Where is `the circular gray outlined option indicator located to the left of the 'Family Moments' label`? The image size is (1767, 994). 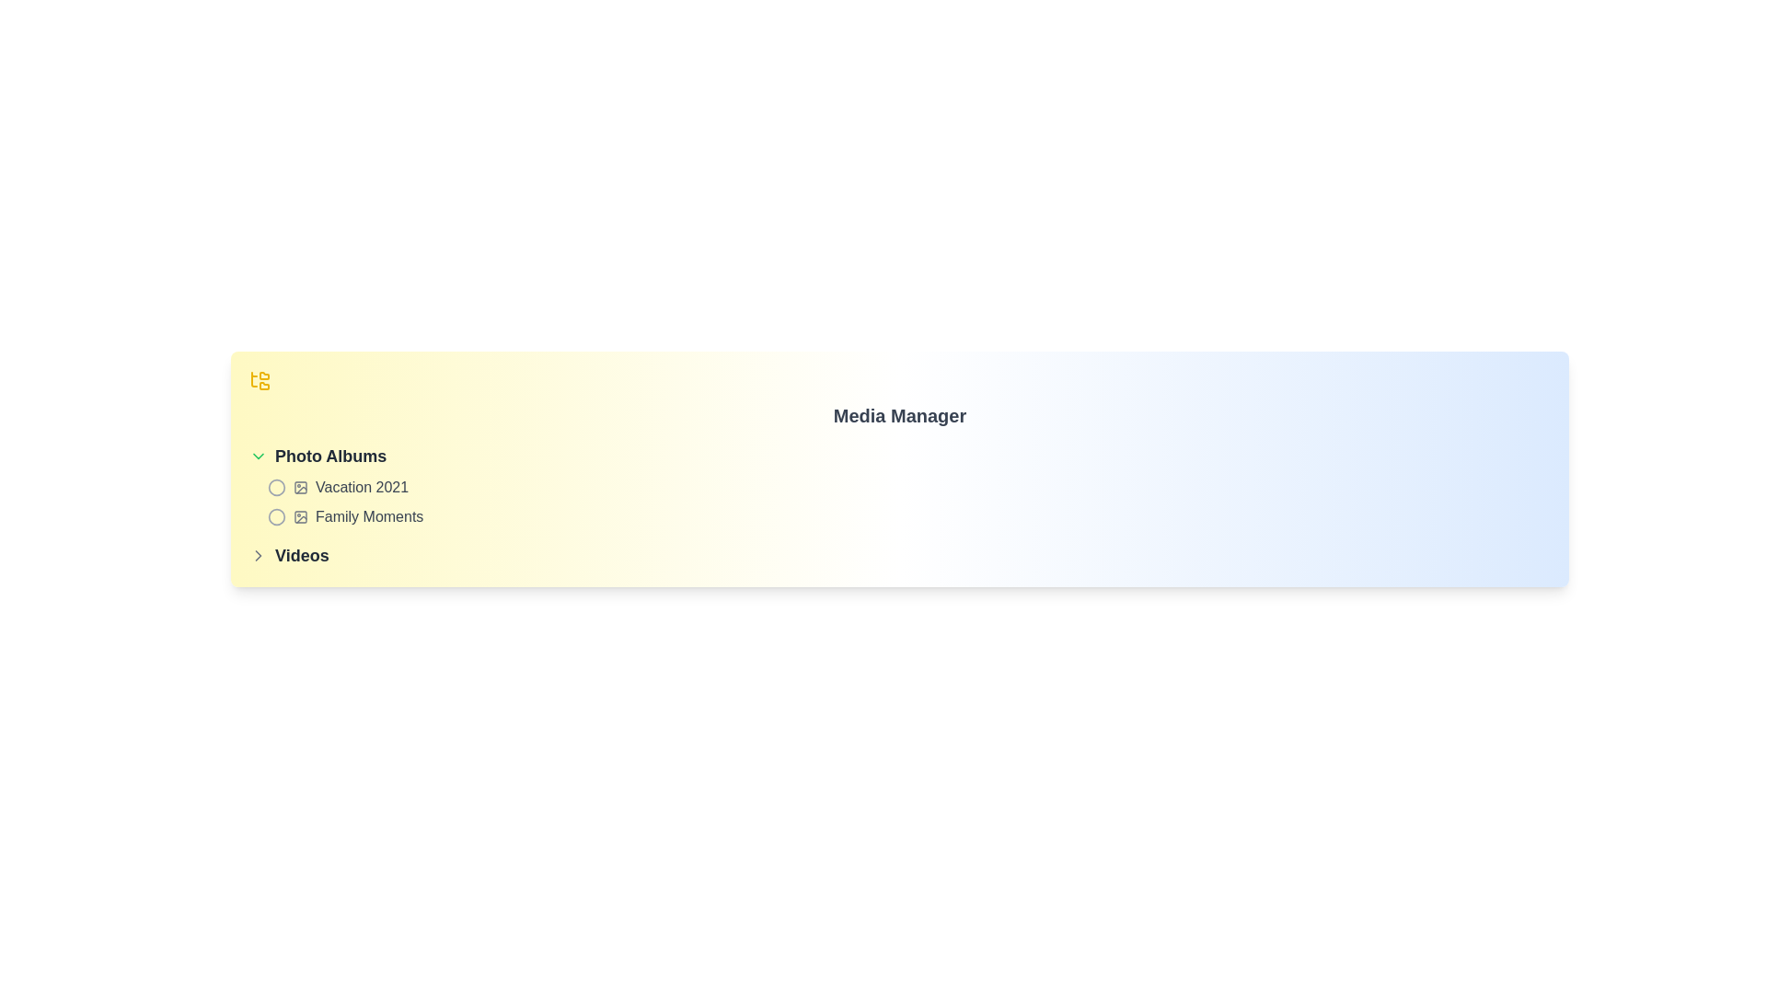 the circular gray outlined option indicator located to the left of the 'Family Moments' label is located at coordinates (276, 517).